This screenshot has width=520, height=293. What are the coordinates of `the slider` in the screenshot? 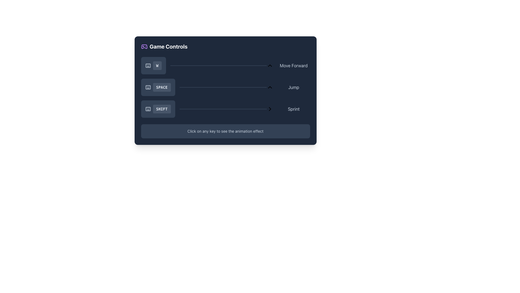 It's located at (264, 65).